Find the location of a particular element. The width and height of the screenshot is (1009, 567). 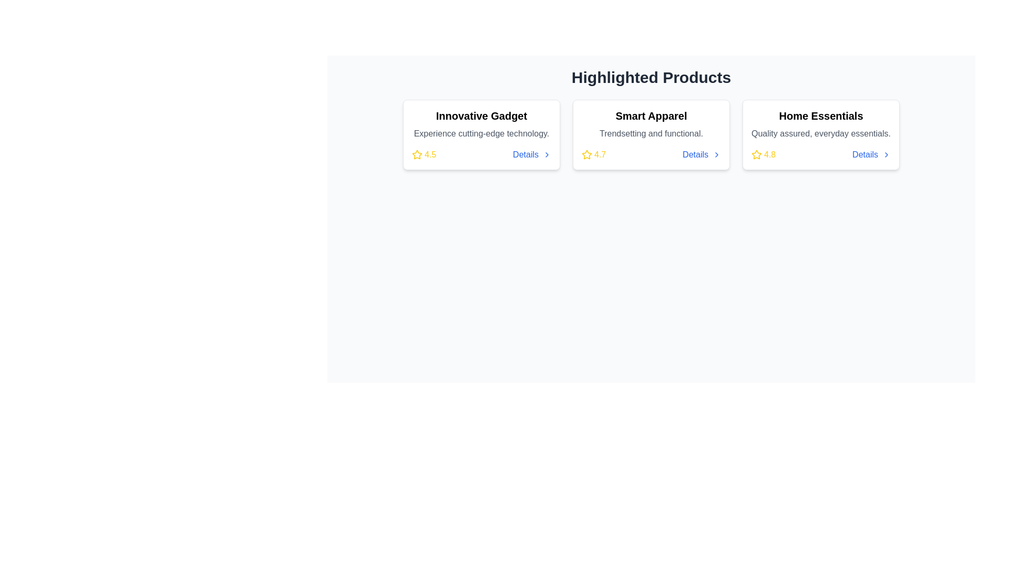

the link located at the bottom right of the 'Smart Apparel' card, which navigates to detailed information about the product is located at coordinates (701, 154).